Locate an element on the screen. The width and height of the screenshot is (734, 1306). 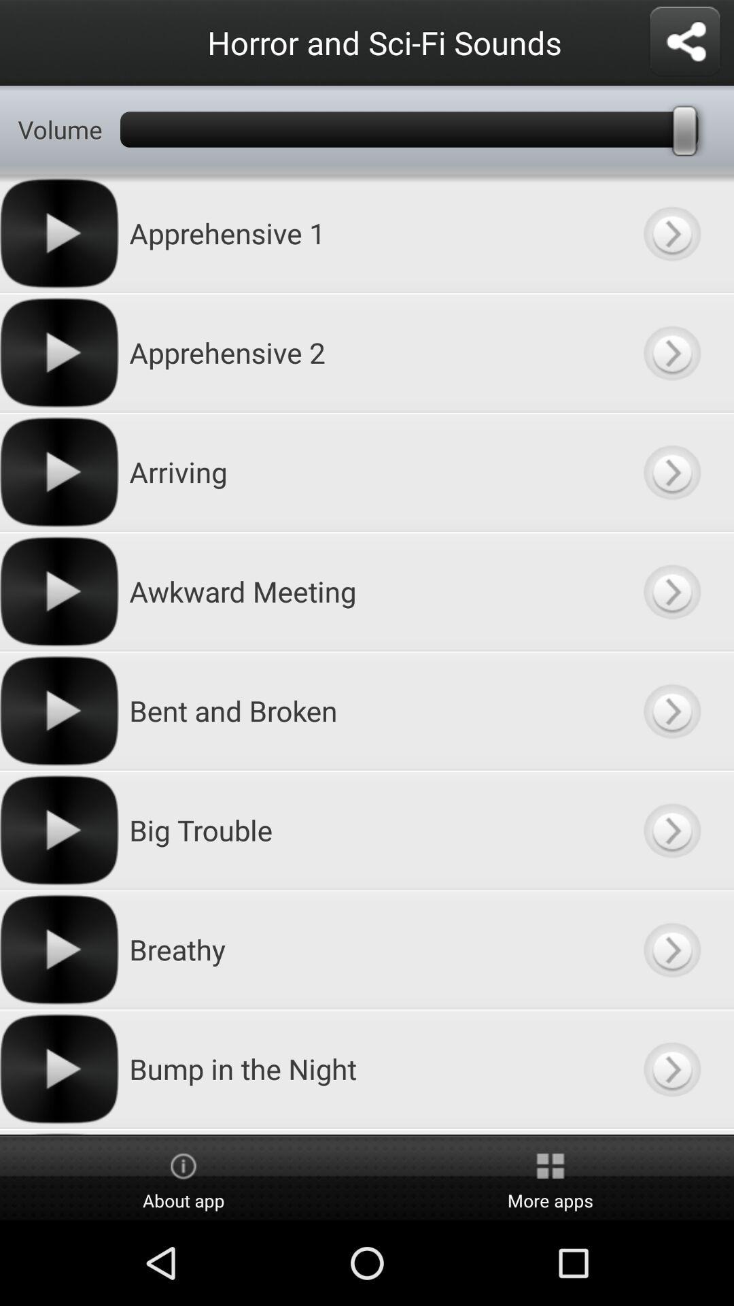
open is located at coordinates (671, 472).